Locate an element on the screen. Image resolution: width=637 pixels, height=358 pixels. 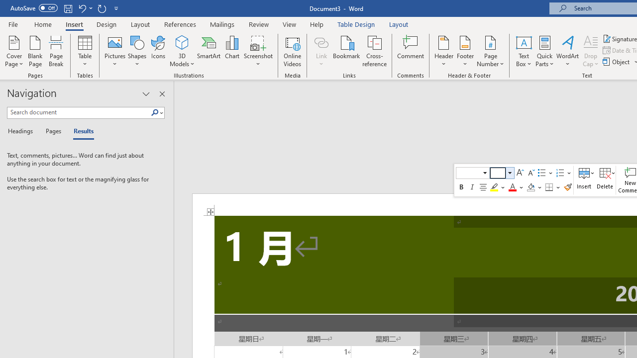
'Comment' is located at coordinates (411, 51).